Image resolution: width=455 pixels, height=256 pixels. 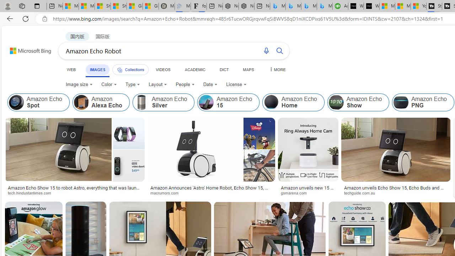 What do you see at coordinates (210, 84) in the screenshot?
I see `'Date'` at bounding box center [210, 84].